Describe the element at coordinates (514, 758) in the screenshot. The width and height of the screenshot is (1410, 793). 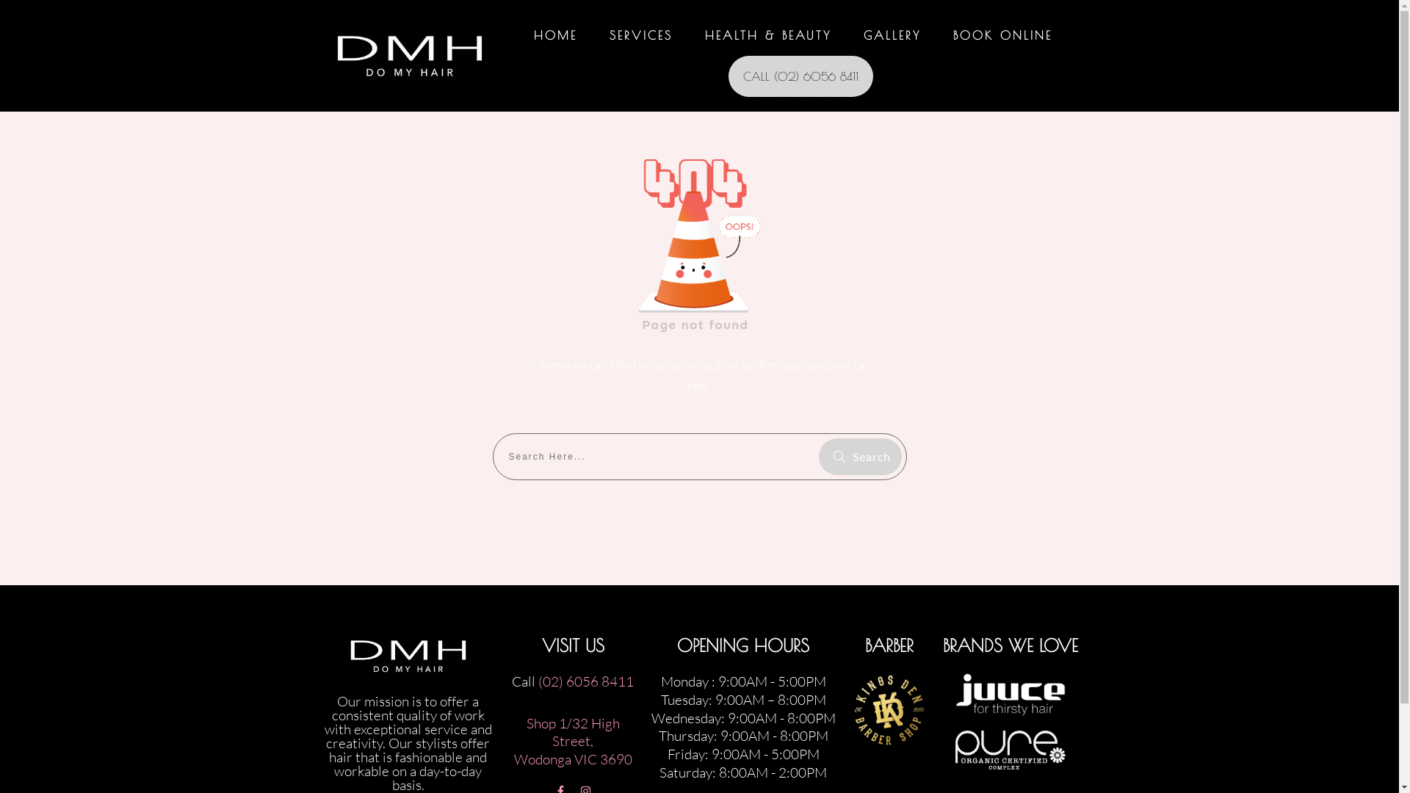
I see `'Wodonga VIC 3690'` at that location.